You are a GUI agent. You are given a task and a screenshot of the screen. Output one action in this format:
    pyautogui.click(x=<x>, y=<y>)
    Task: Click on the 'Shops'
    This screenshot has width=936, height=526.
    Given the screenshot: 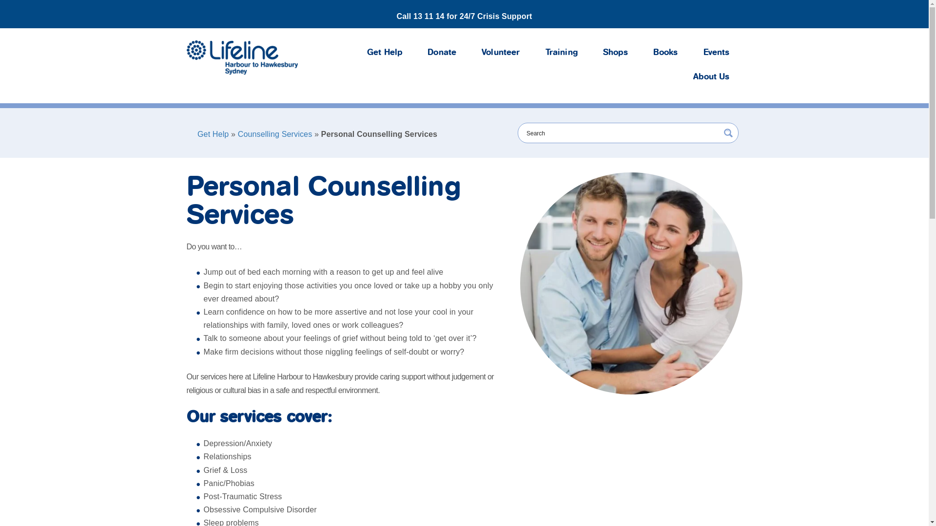 What is the action you would take?
    pyautogui.click(x=615, y=53)
    